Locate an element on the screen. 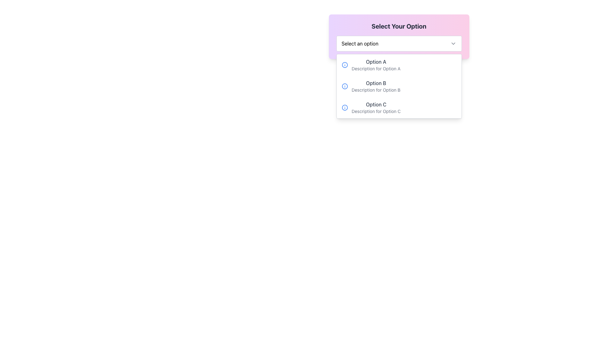 Image resolution: width=602 pixels, height=339 pixels. text label displaying 'Description for Option A' located below the bold label 'Option A' in the dropdown menu interface is located at coordinates (376, 69).